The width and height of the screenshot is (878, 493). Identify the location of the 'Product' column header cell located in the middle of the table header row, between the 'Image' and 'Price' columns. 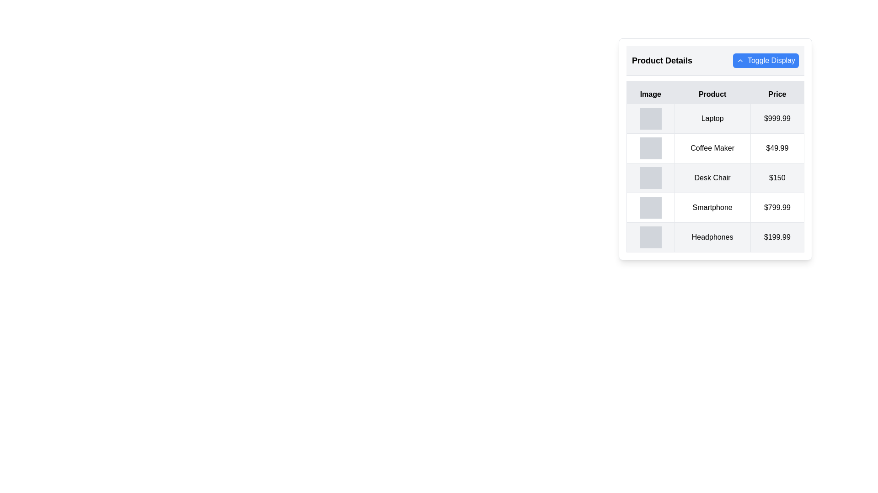
(712, 93).